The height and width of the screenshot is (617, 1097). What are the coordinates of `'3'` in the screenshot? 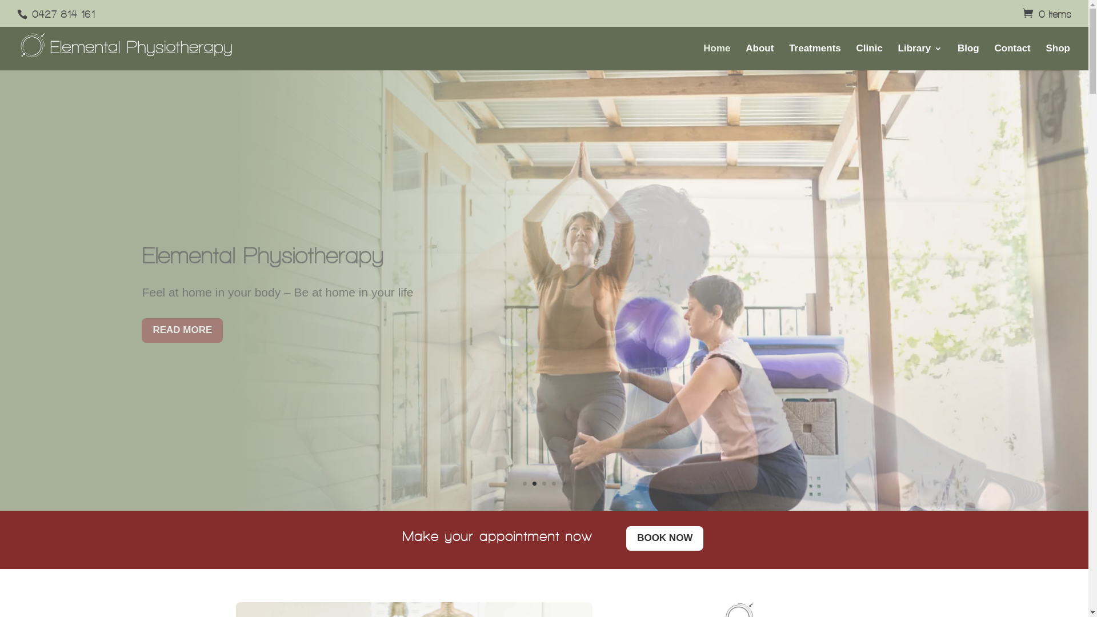 It's located at (543, 483).